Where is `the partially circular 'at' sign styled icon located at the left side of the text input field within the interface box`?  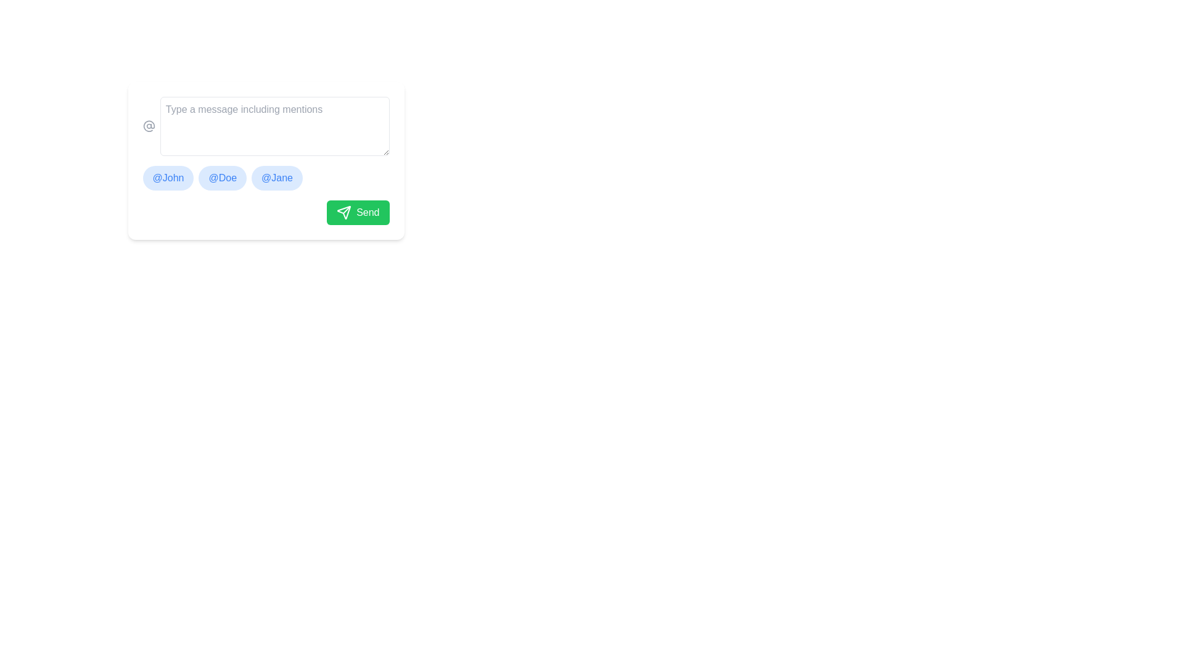 the partially circular 'at' sign styled icon located at the left side of the text input field within the interface box is located at coordinates (148, 126).